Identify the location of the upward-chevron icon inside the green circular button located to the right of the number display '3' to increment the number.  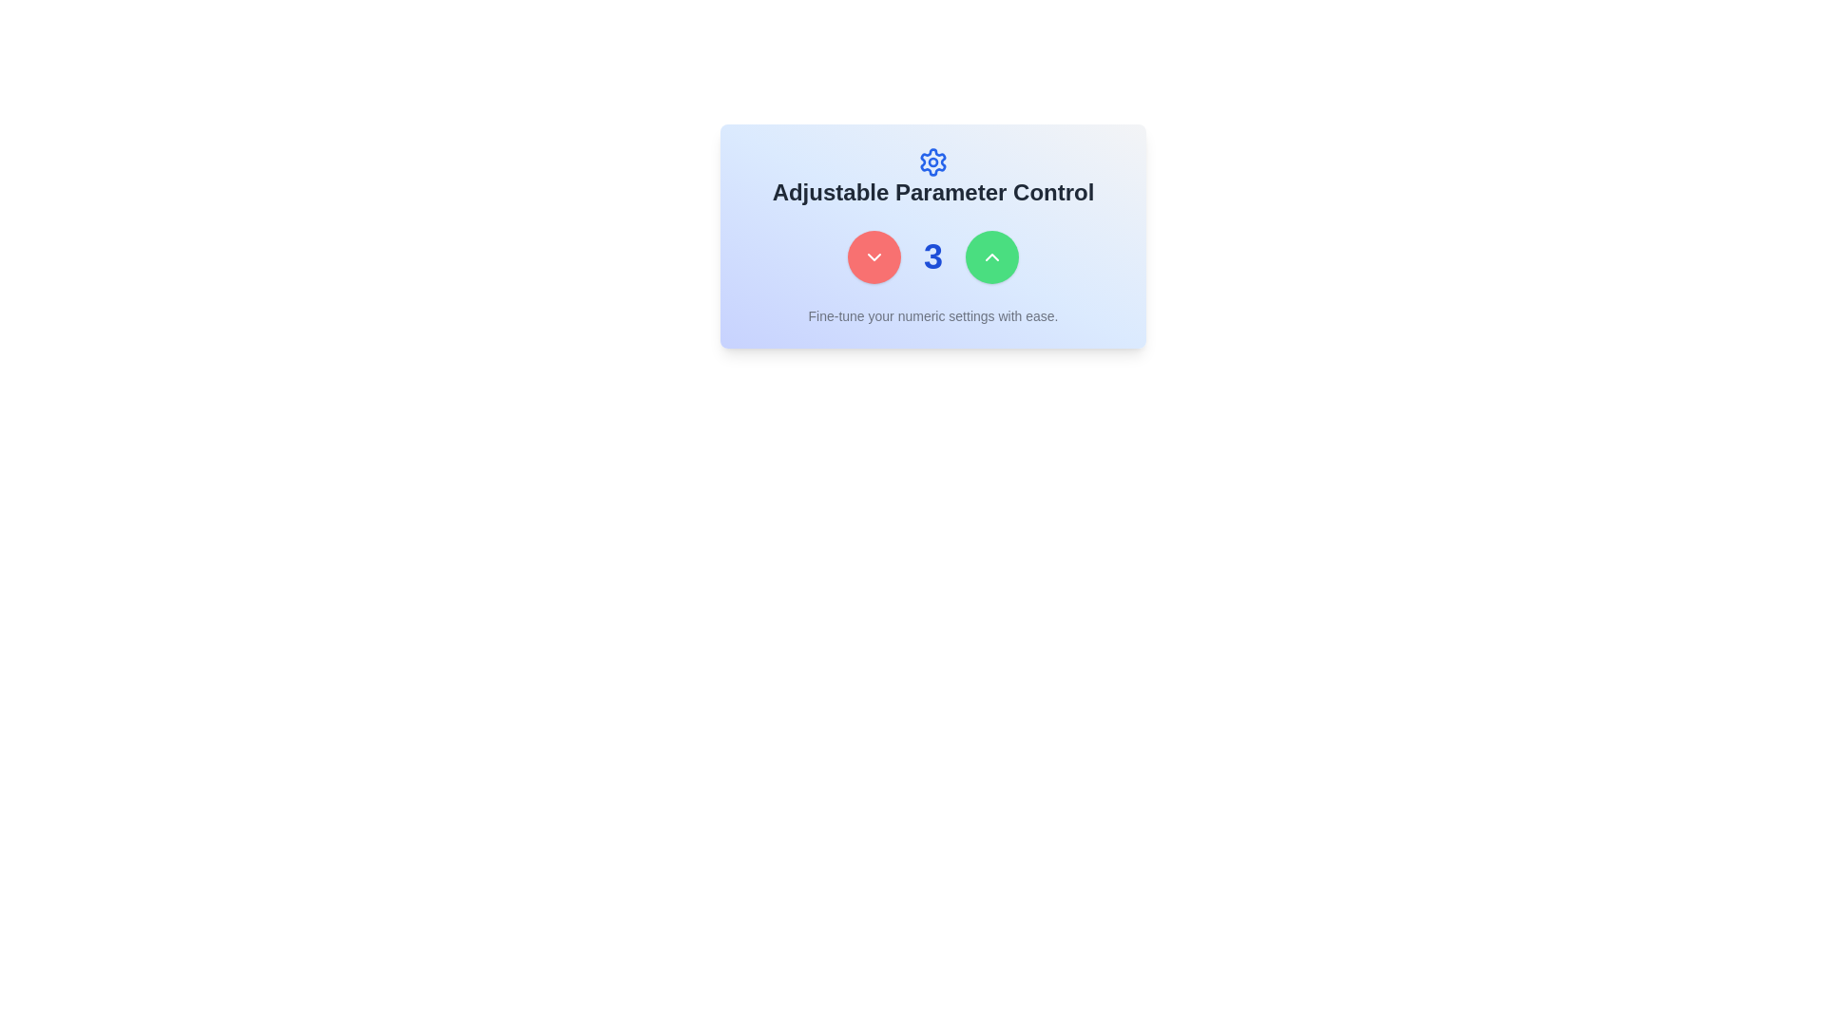
(991, 256).